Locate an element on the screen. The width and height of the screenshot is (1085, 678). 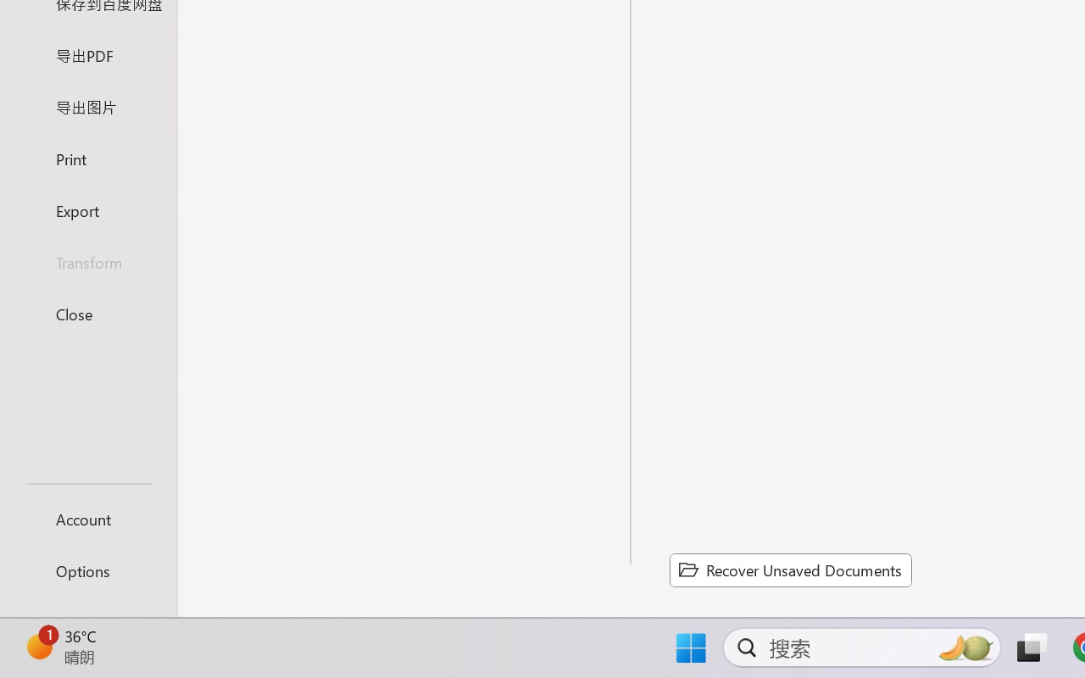
'Print' is located at coordinates (87, 158).